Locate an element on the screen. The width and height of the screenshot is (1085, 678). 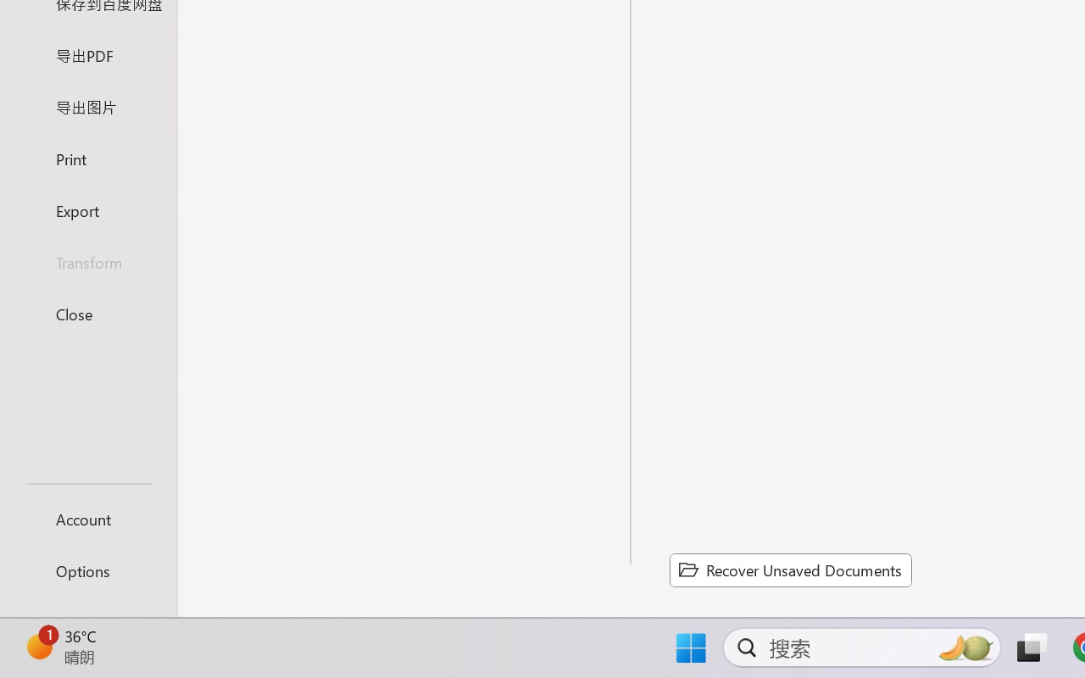
'Print' is located at coordinates (87, 158).